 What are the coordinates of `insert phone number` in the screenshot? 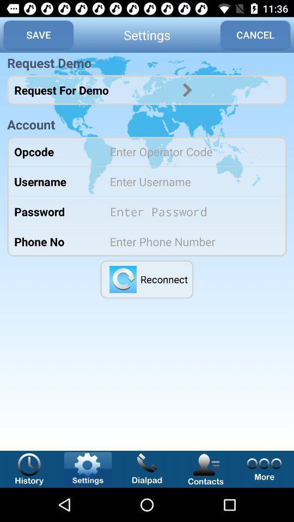 It's located at (191, 241).